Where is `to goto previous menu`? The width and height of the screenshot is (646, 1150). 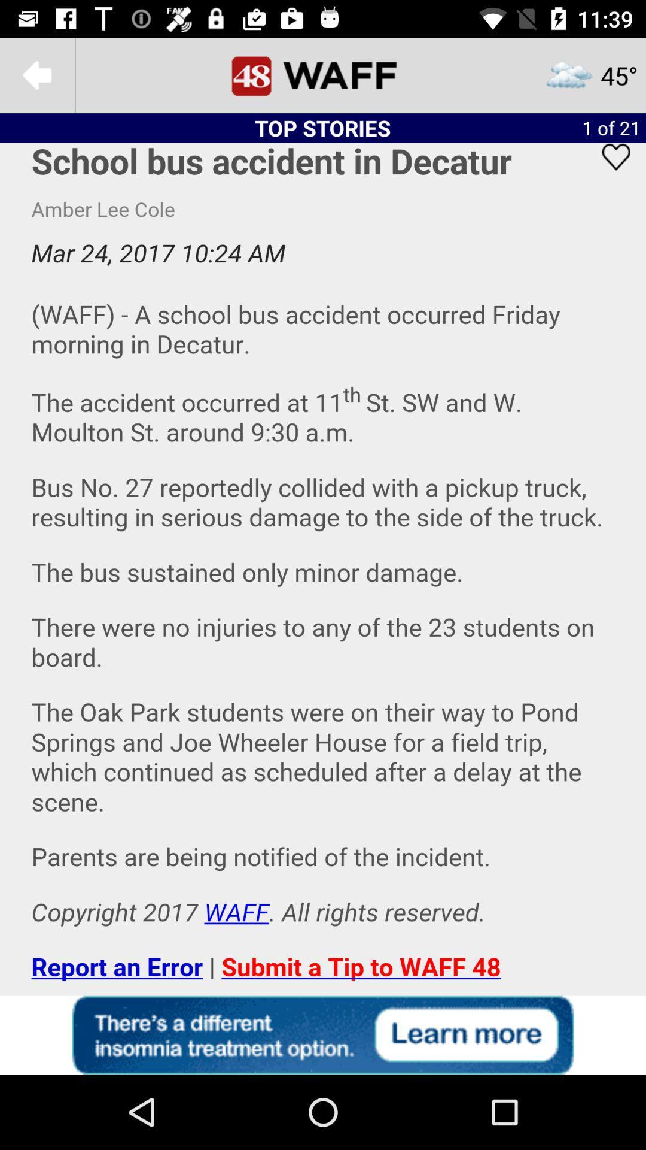 to goto previous menu is located at coordinates (36, 74).